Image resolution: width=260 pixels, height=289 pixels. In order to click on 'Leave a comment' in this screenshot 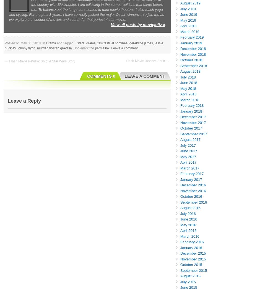, I will do `click(124, 48)`.